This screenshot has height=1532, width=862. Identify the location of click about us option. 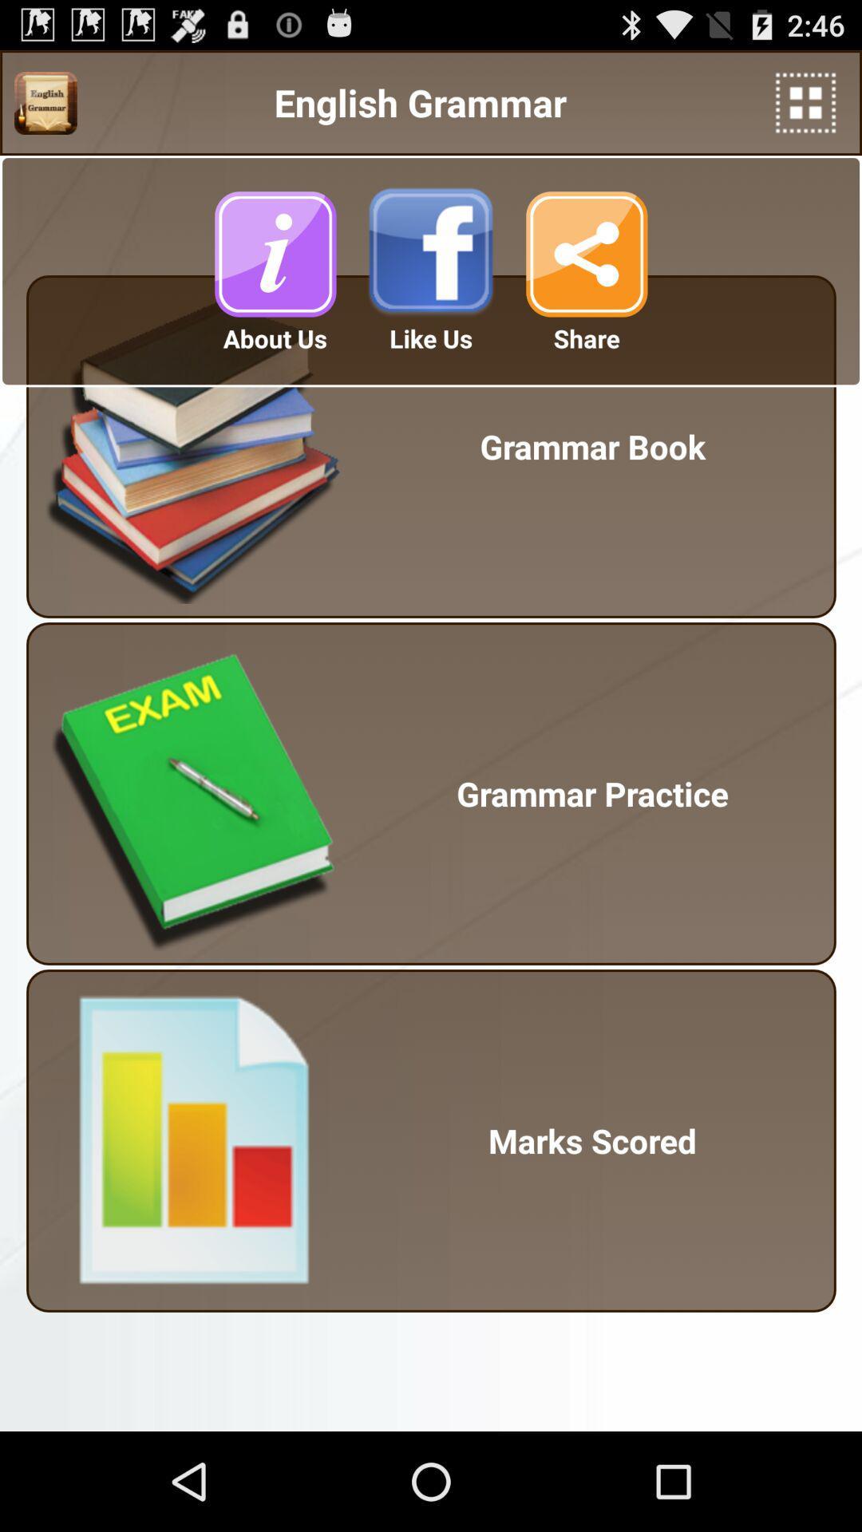
(274, 253).